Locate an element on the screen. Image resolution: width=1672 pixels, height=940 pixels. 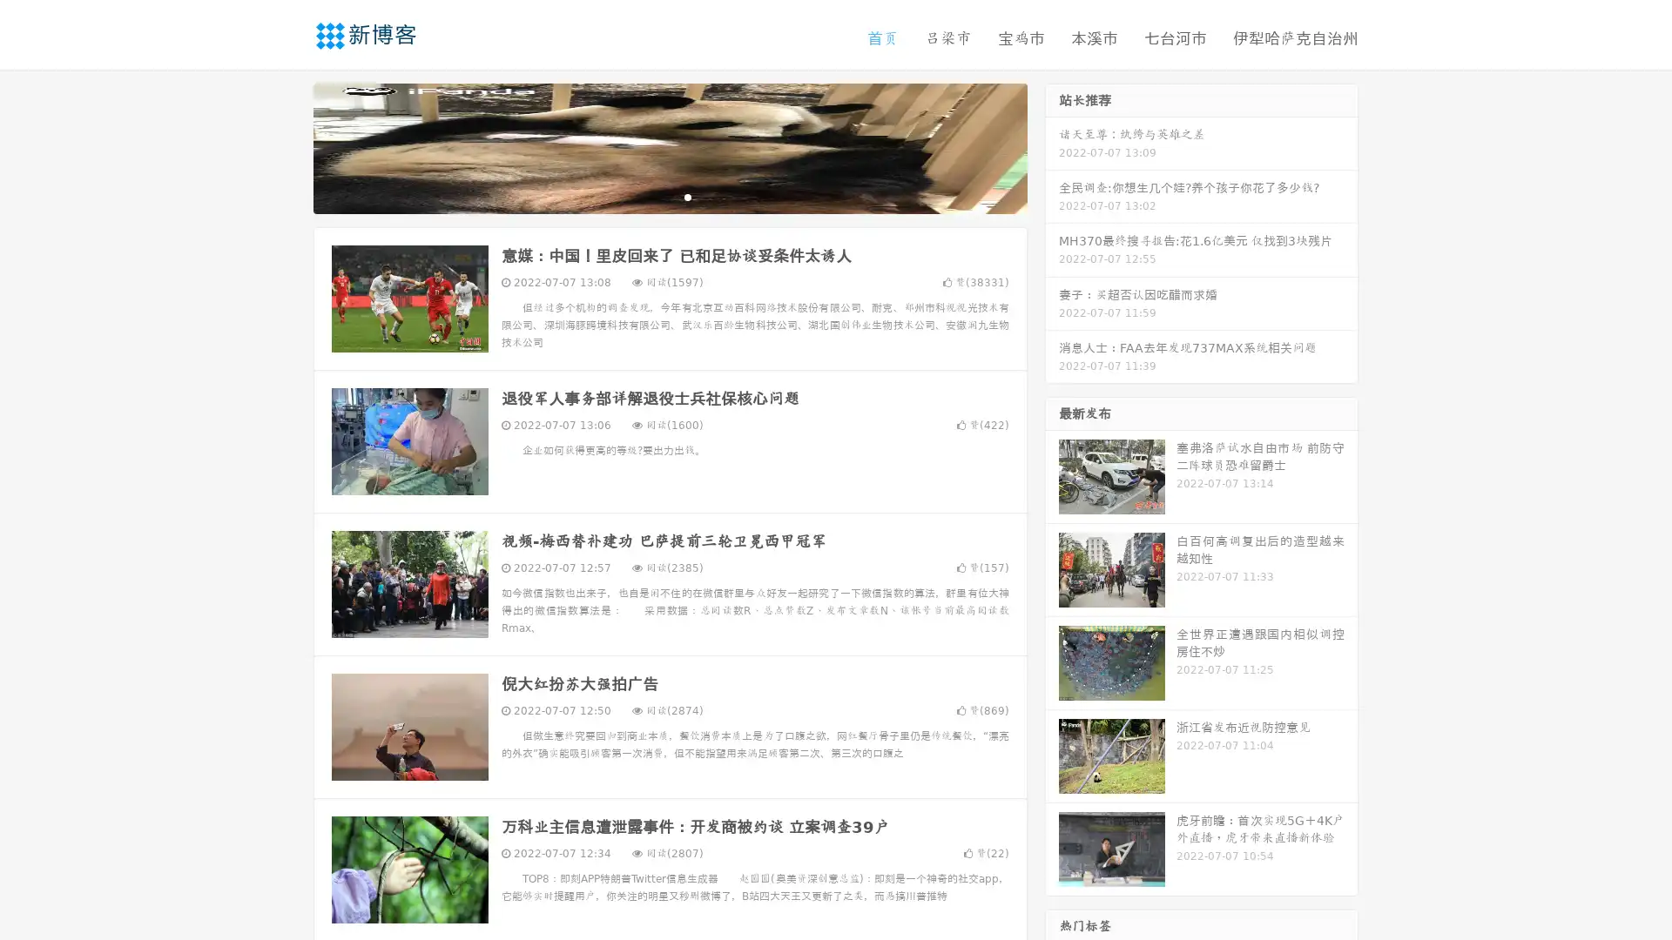
Previous slide is located at coordinates (287, 146).